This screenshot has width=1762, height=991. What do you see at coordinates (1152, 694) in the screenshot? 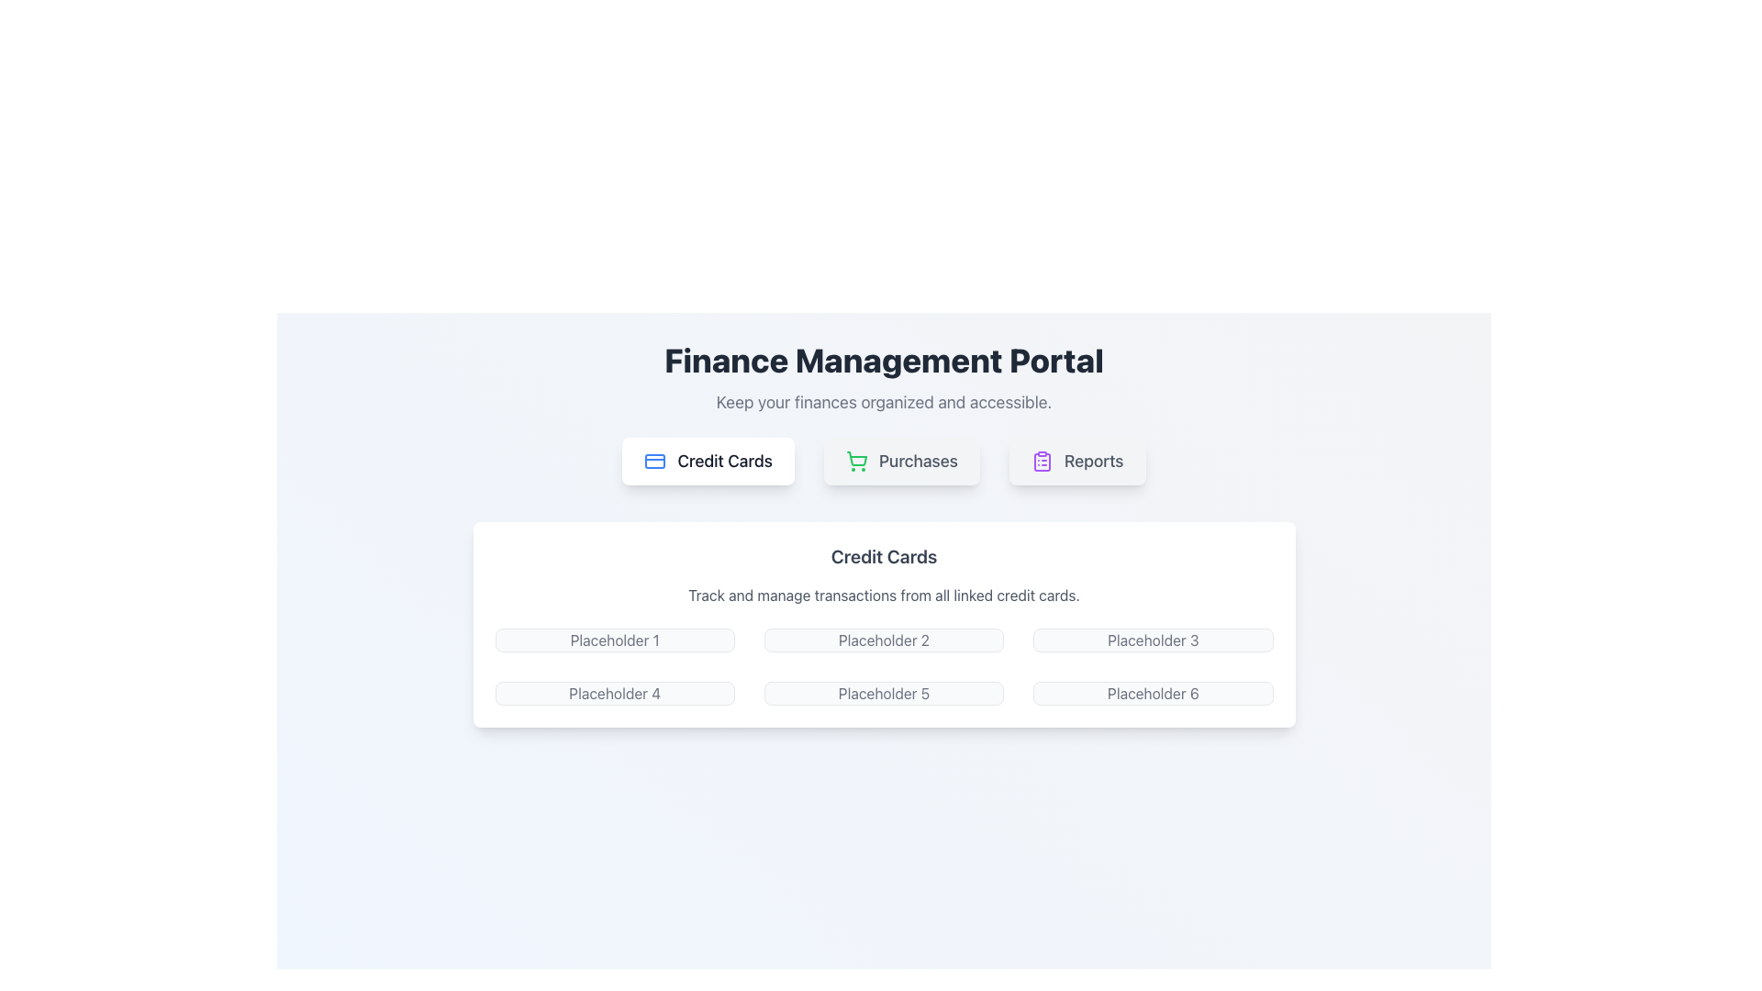
I see `the static text label displaying 'Placeholder 6', which is styled in gray and positioned in the bottom-right corner of a grid structure` at bounding box center [1152, 694].